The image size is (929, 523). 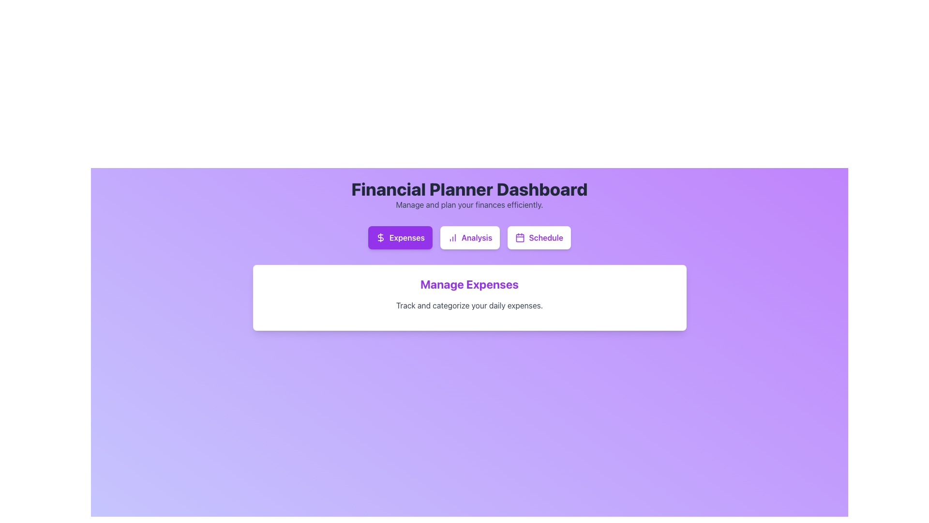 I want to click on text from the Text Header that serves as a title for the section related to managing expenses, located in the center of the page, so click(x=469, y=283).